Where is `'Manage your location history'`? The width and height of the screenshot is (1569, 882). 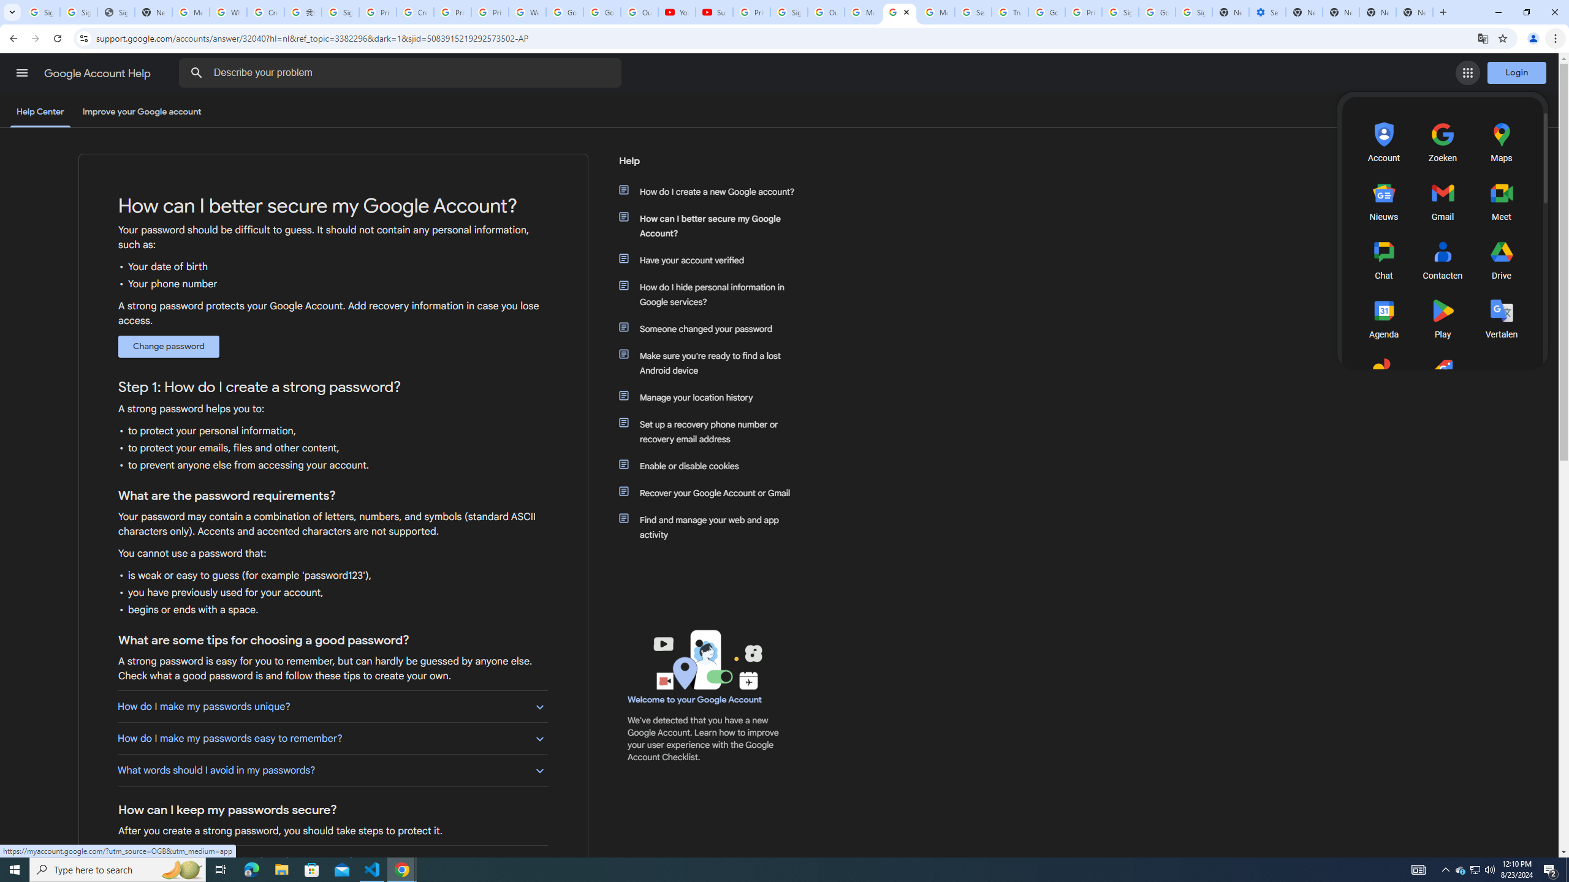 'Manage your location history' is located at coordinates (712, 396).